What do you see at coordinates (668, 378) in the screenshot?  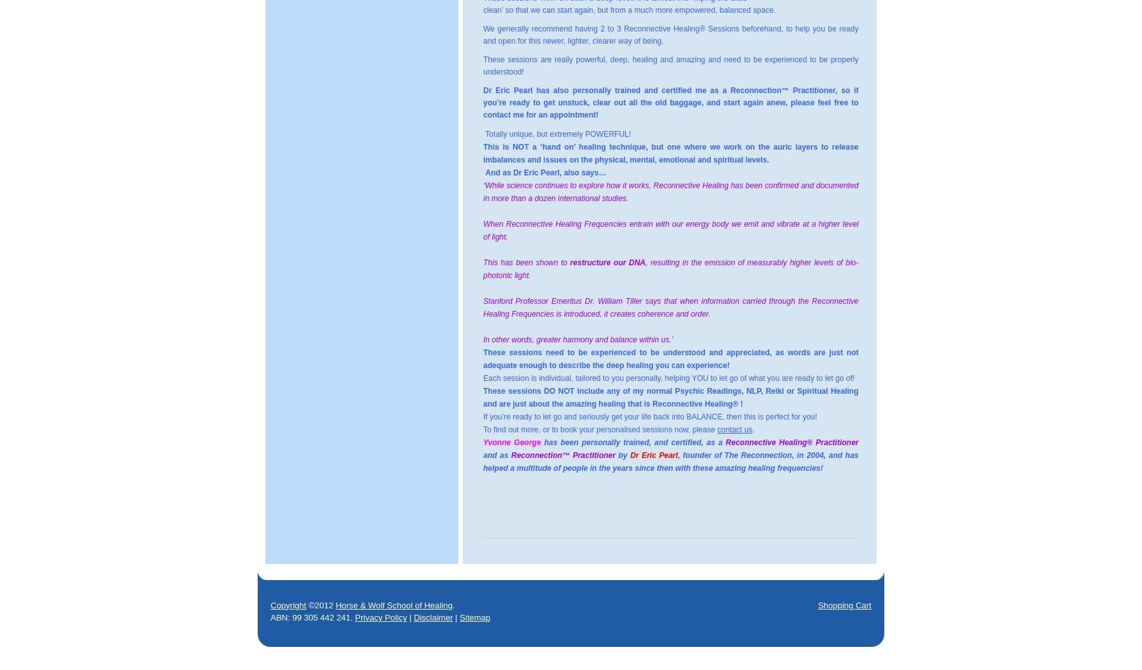 I see `'Each session is individual, tailored to you personally, helping YOU to let go of what you are ready to let go of!'` at bounding box center [668, 378].